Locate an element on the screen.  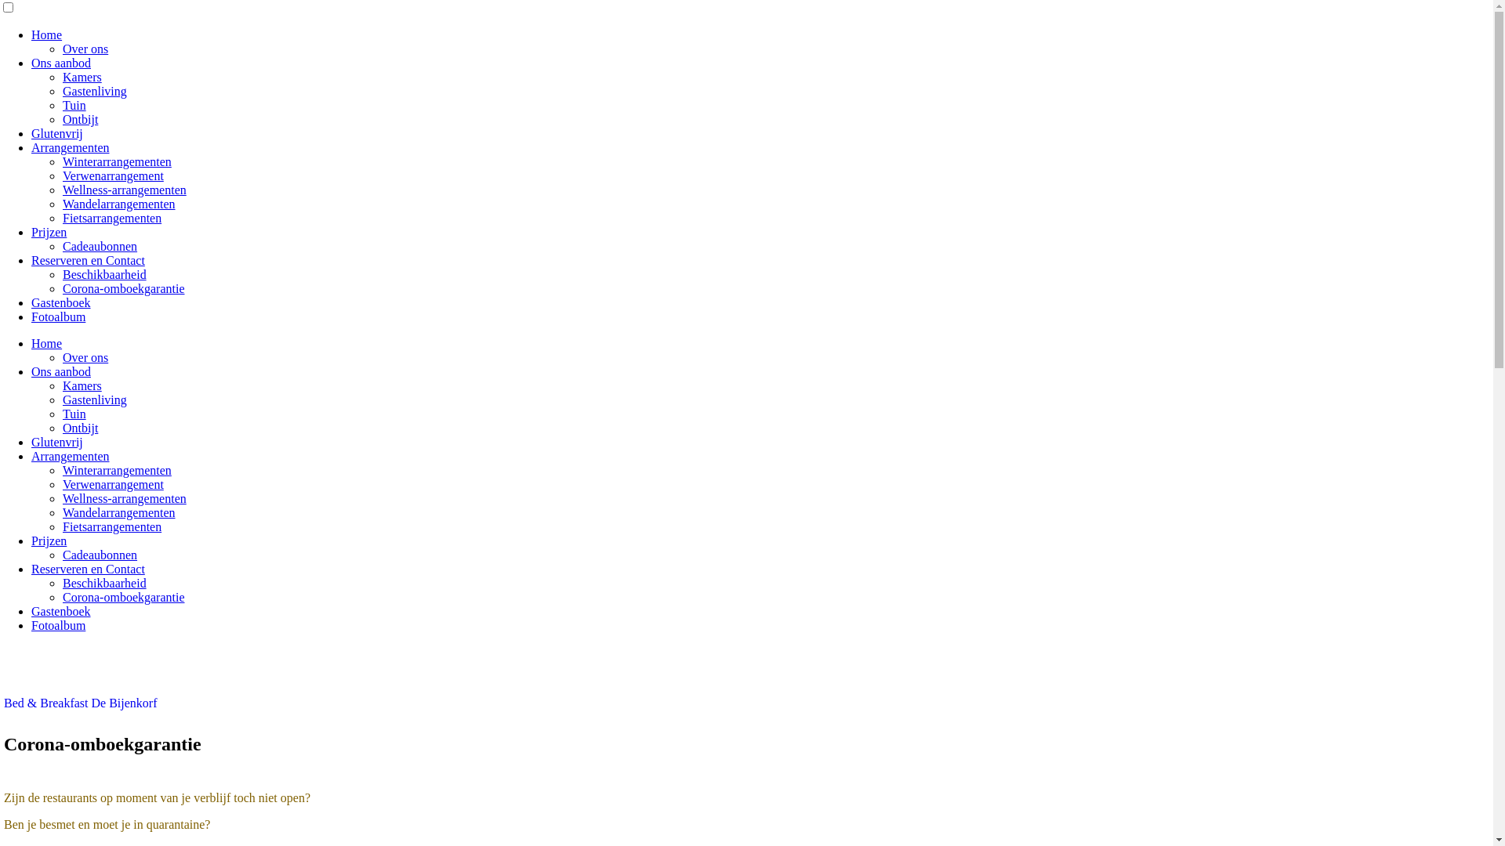
'Arrangementen' is located at coordinates (31, 147).